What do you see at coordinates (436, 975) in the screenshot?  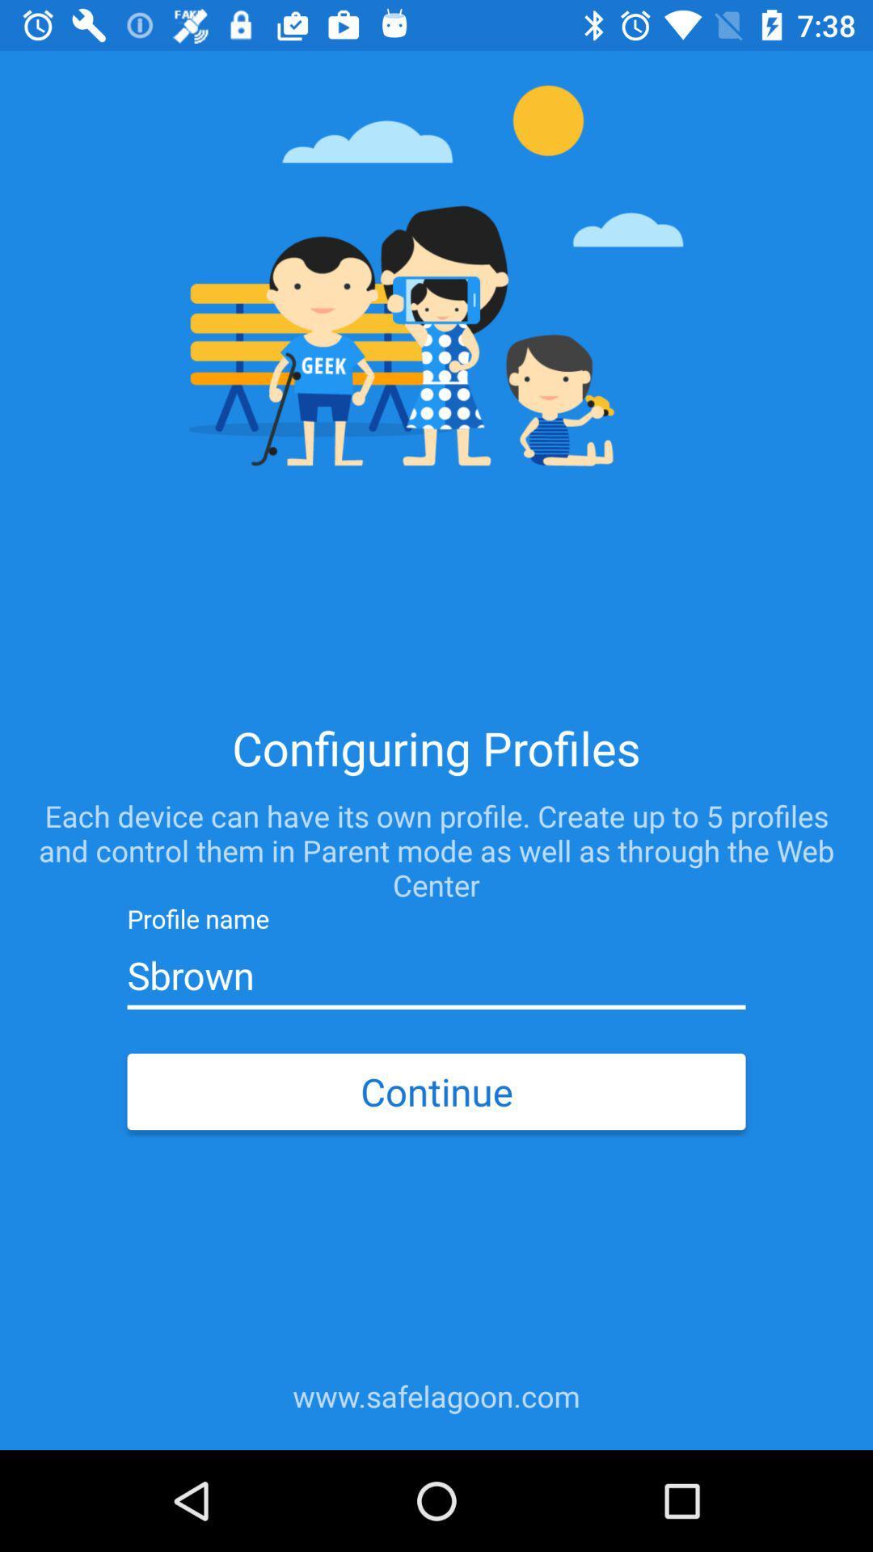 I see `sbrown` at bounding box center [436, 975].